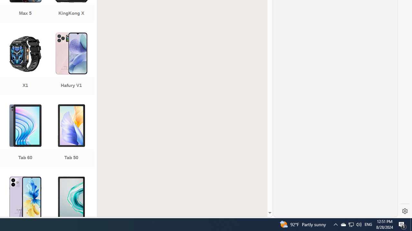  I want to click on 'X1', so click(25, 64).